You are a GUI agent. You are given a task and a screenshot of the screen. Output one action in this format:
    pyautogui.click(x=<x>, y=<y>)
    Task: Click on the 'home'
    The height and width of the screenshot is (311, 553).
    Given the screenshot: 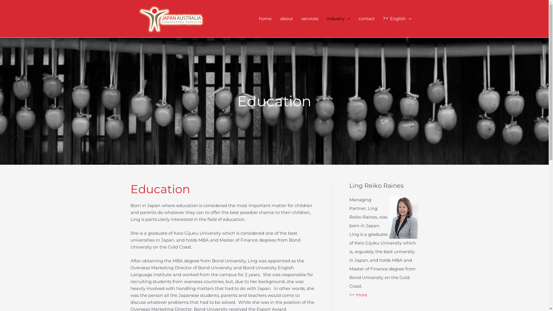 What is the action you would take?
    pyautogui.click(x=254, y=18)
    